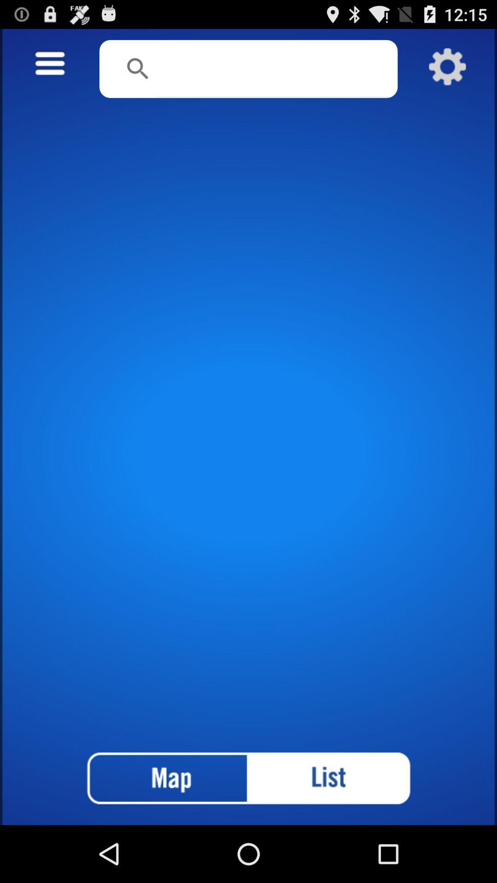  What do you see at coordinates (50, 68) in the screenshot?
I see `the menu icon` at bounding box center [50, 68].